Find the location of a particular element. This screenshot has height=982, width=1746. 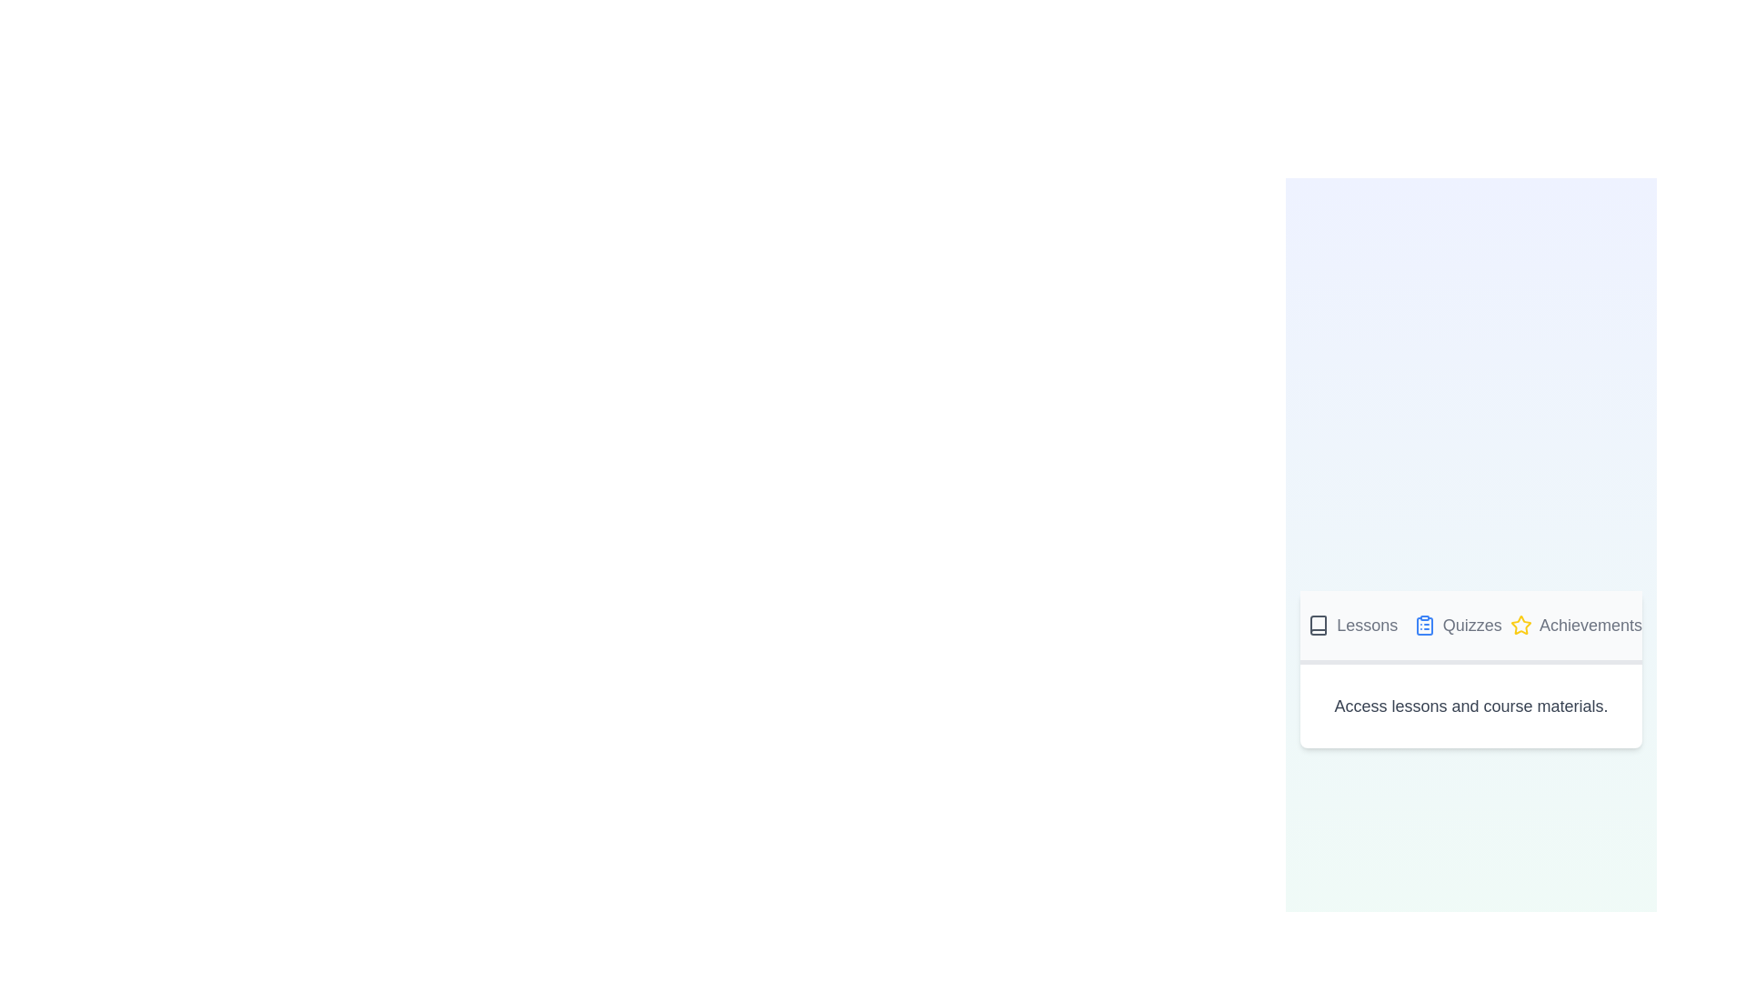

the Quizzes tab by clicking on it is located at coordinates (1458, 626).